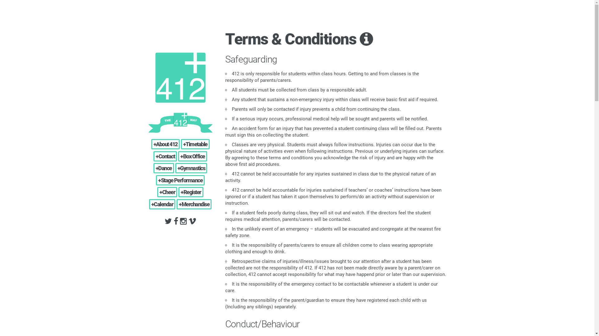 Image resolution: width=599 pixels, height=336 pixels. Describe the element at coordinates (167, 192) in the screenshot. I see `'+Cheer'` at that location.